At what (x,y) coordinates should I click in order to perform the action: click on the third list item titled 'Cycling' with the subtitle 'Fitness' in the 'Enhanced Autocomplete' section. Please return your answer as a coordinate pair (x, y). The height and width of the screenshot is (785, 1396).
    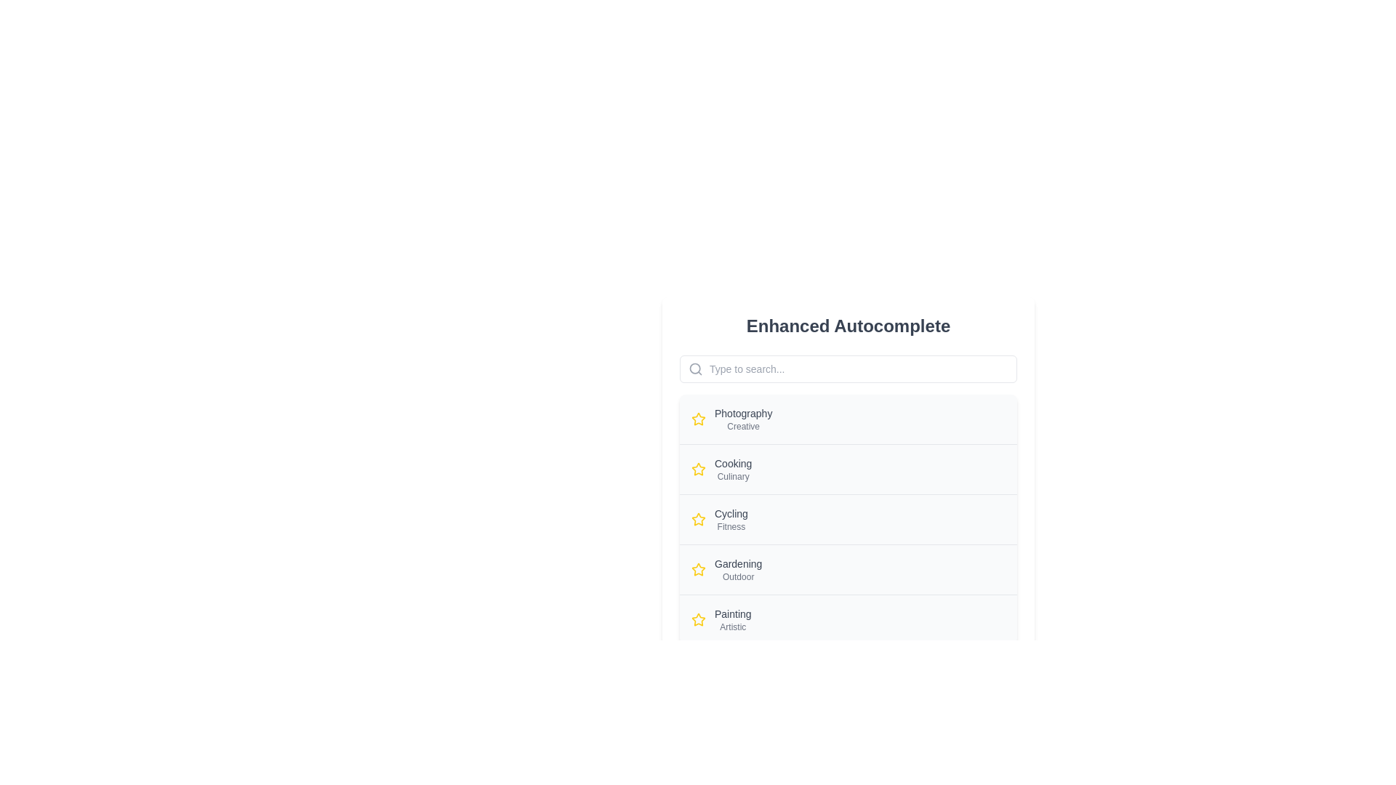
    Looking at the image, I should click on (848, 518).